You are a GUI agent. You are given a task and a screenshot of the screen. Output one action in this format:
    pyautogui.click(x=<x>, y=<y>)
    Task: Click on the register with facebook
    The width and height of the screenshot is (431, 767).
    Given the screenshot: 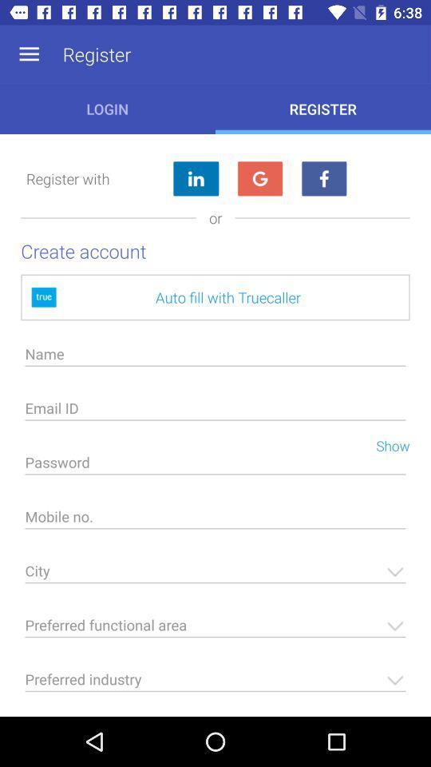 What is the action you would take?
    pyautogui.click(x=323, y=179)
    